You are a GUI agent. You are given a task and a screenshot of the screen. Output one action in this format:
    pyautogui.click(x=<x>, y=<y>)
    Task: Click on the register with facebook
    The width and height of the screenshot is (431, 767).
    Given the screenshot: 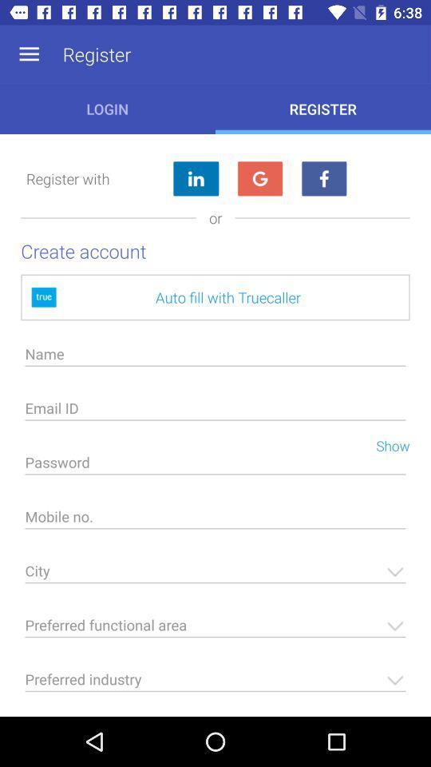 What is the action you would take?
    pyautogui.click(x=323, y=179)
    